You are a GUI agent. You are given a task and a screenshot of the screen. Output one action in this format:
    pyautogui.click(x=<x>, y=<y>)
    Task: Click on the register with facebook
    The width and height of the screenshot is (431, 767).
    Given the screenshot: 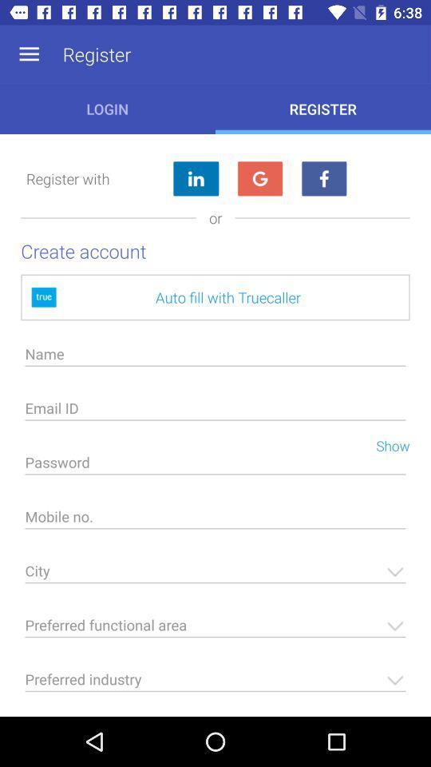 What is the action you would take?
    pyautogui.click(x=323, y=179)
    